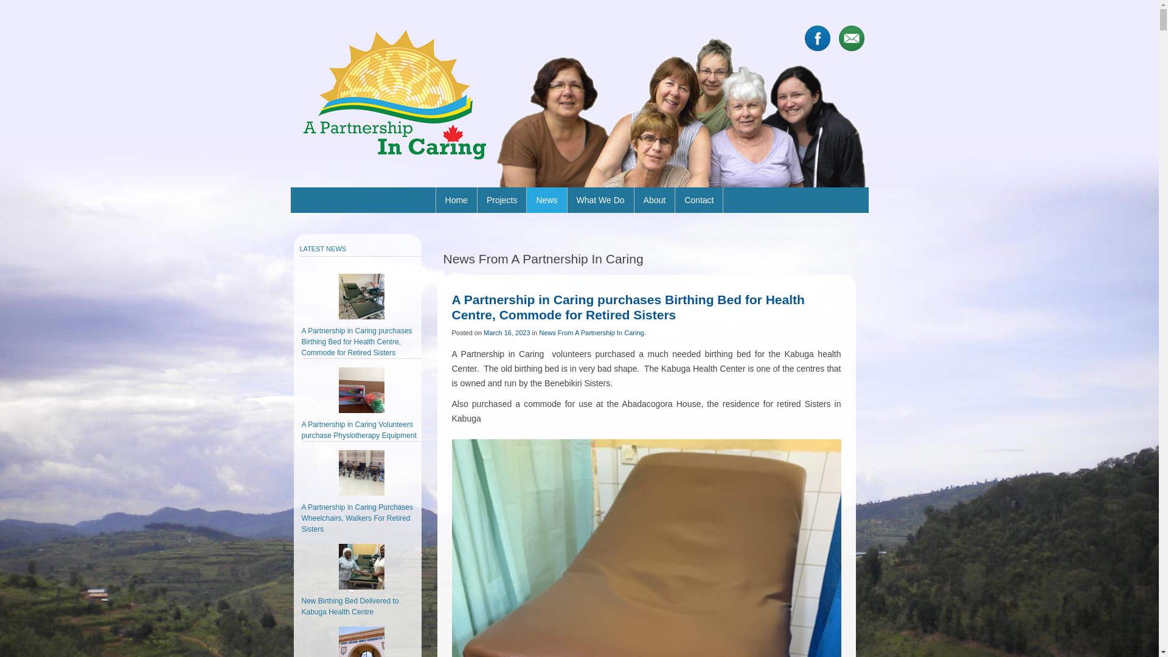  What do you see at coordinates (674, 199) in the screenshot?
I see `'Contact'` at bounding box center [674, 199].